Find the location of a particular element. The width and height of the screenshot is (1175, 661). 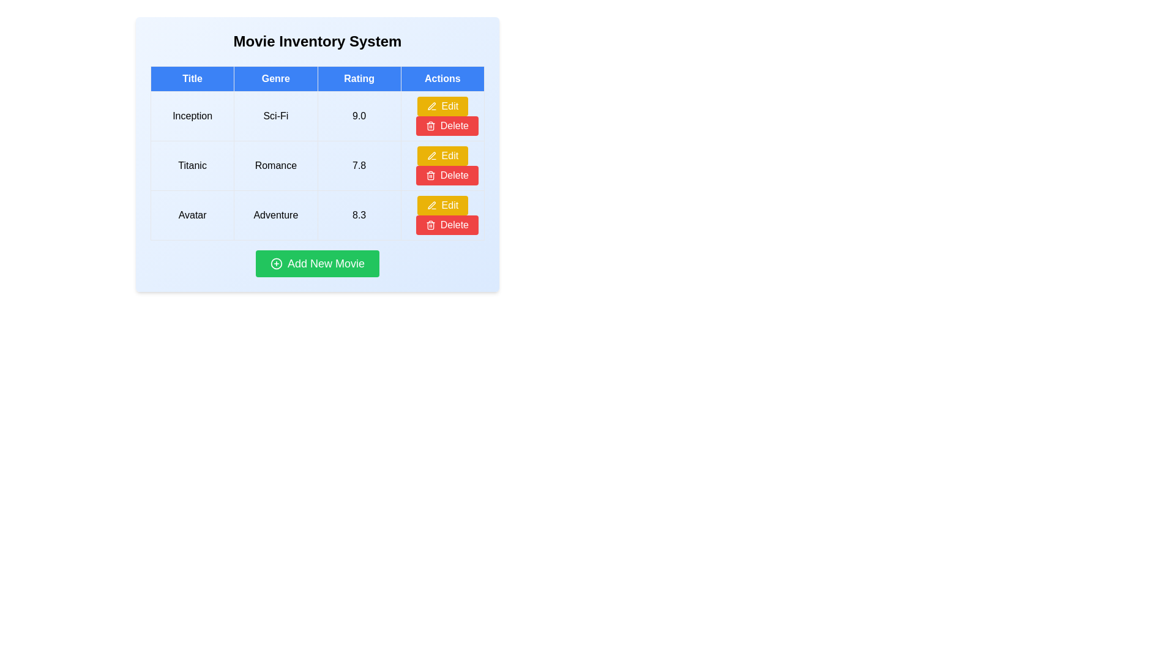

the trash bin icon within the red 'Delete' button is located at coordinates (430, 225).